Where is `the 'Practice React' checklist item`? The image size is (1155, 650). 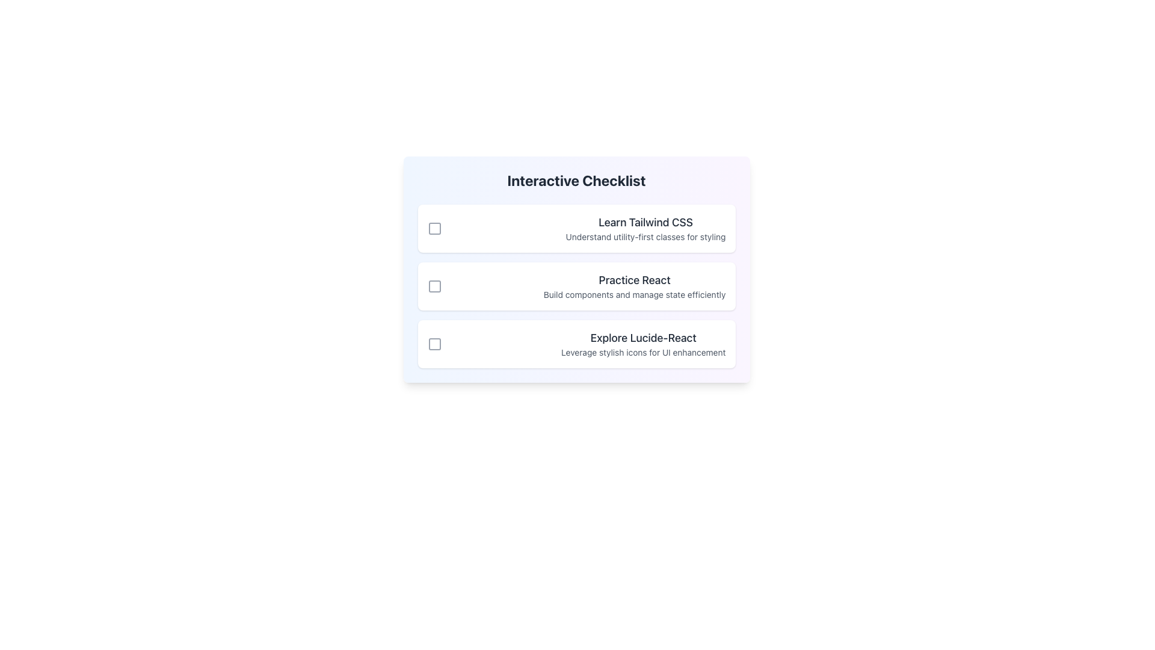
the 'Practice React' checklist item is located at coordinates (576, 286).